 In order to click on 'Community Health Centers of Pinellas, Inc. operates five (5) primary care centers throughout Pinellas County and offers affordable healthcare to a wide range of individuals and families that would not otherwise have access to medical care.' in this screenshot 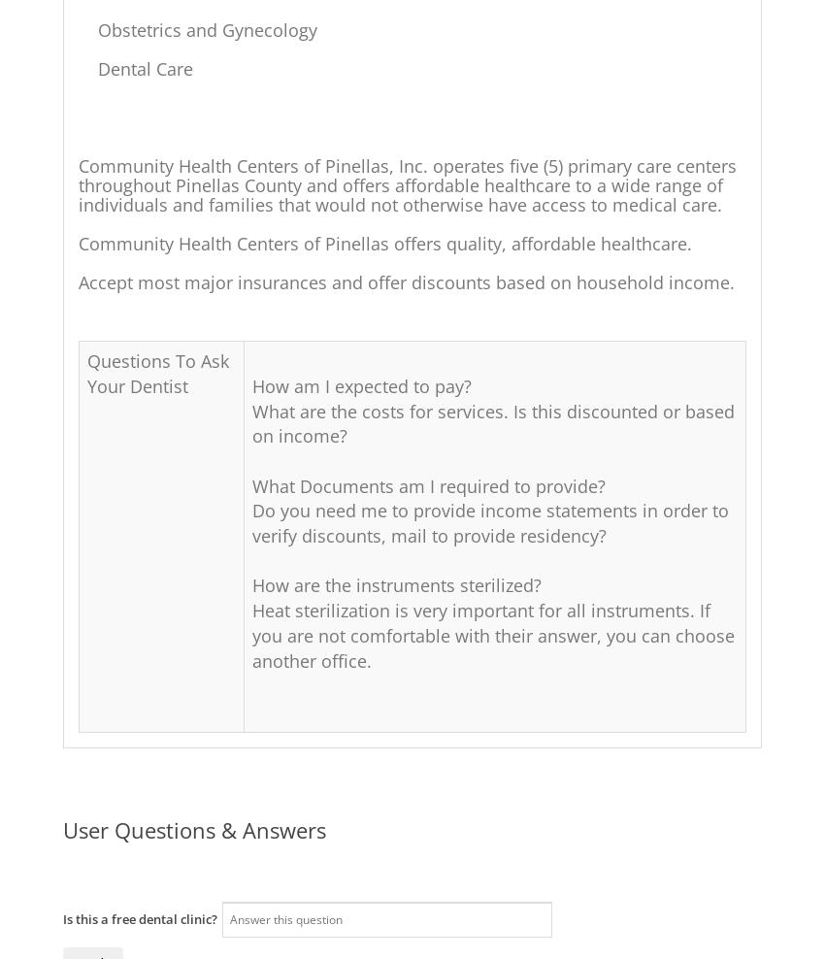, I will do `click(79, 184)`.